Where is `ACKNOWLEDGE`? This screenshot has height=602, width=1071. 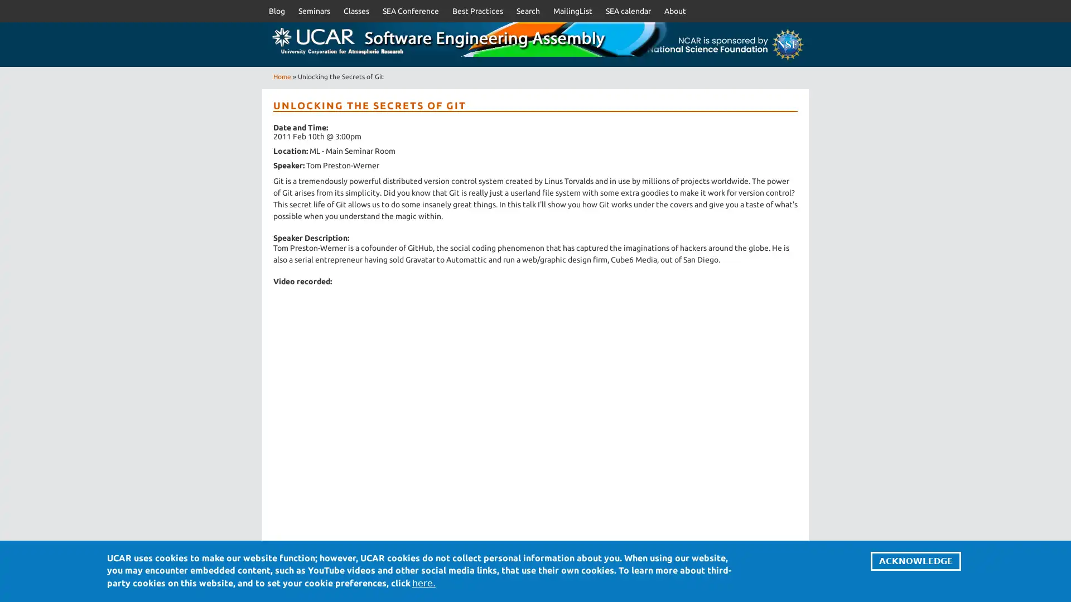 ACKNOWLEDGE is located at coordinates (915, 561).